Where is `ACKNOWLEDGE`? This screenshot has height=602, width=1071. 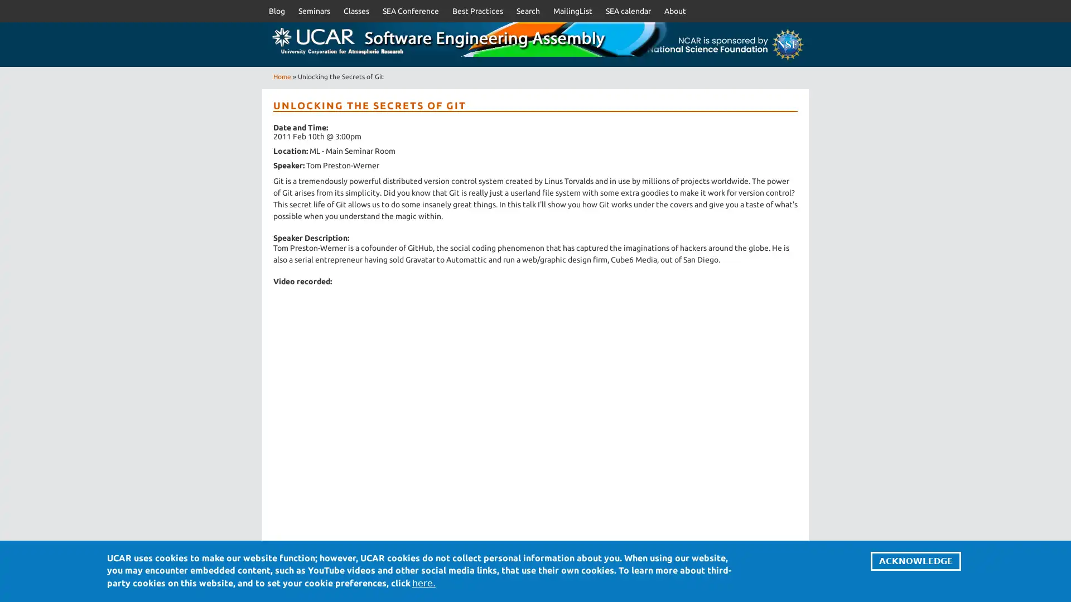 ACKNOWLEDGE is located at coordinates (915, 561).